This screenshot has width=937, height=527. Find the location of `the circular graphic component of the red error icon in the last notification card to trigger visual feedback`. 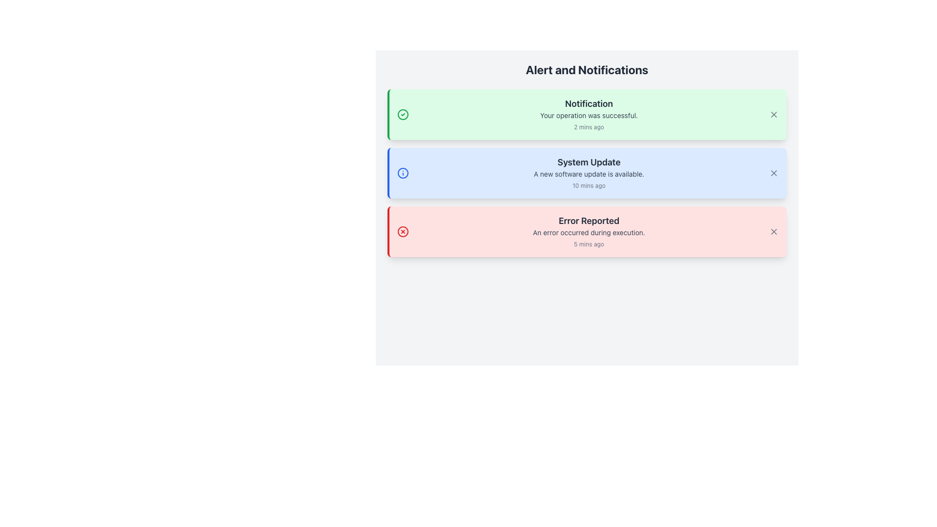

the circular graphic component of the red error icon in the last notification card to trigger visual feedback is located at coordinates (403, 231).